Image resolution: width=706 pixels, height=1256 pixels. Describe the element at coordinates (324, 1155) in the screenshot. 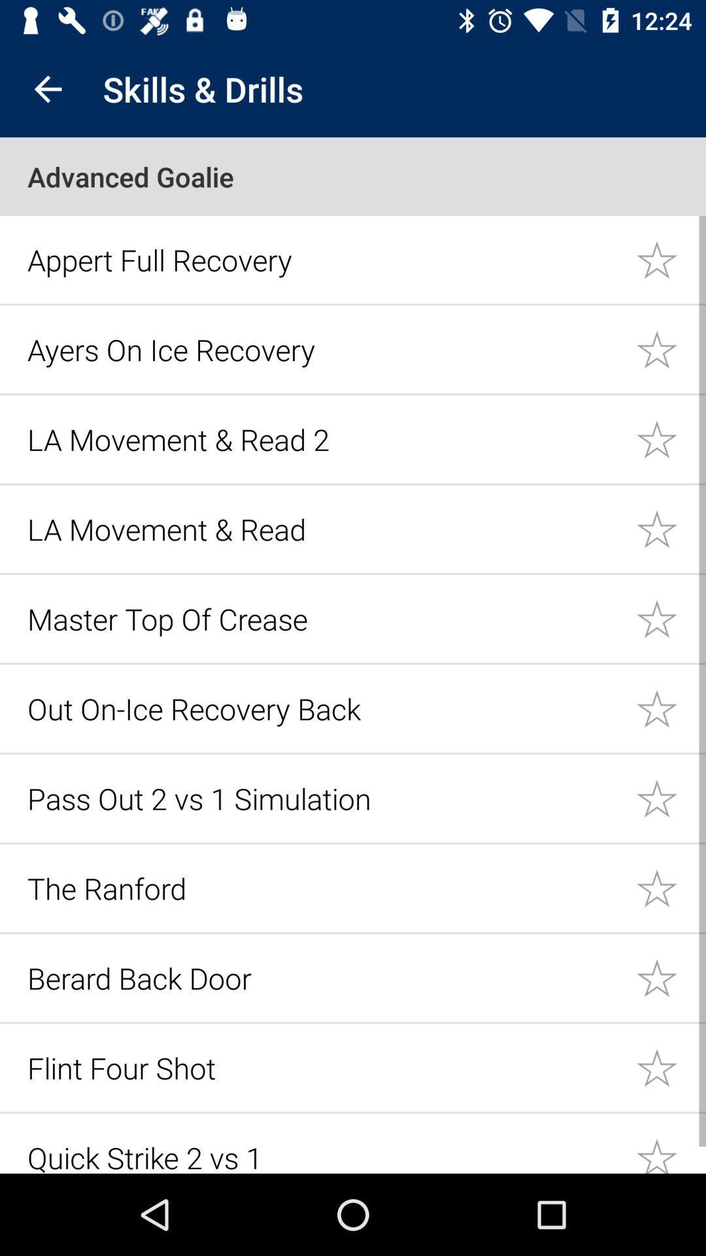

I see `icon below the flint four shot icon` at that location.